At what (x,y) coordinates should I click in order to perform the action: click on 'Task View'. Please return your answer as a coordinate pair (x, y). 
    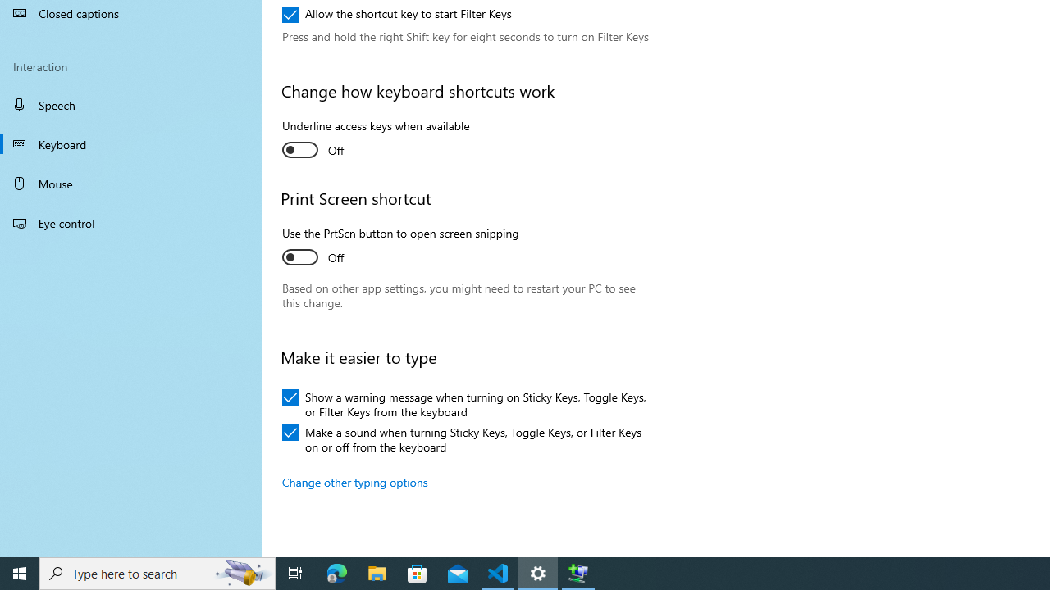
    Looking at the image, I should click on (294, 572).